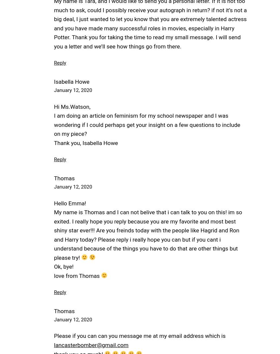  Describe the element at coordinates (147, 125) in the screenshot. I see `'I am doing an article on feminism for my school newspaper and I was wondering if I could perhaps get your insight on a few questions to include on my piece?'` at that location.